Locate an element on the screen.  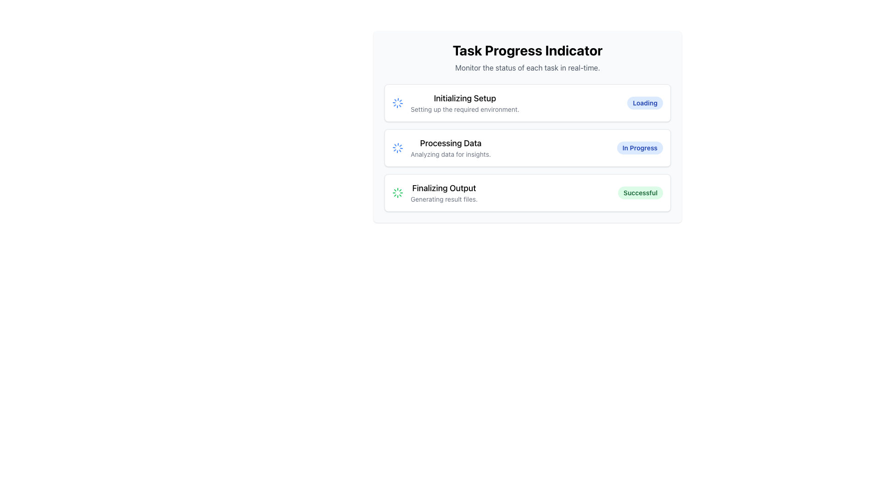
text content of the gray text label that reads 'Generating result files.' located under the 'Finalizing Output' section is located at coordinates (444, 199).